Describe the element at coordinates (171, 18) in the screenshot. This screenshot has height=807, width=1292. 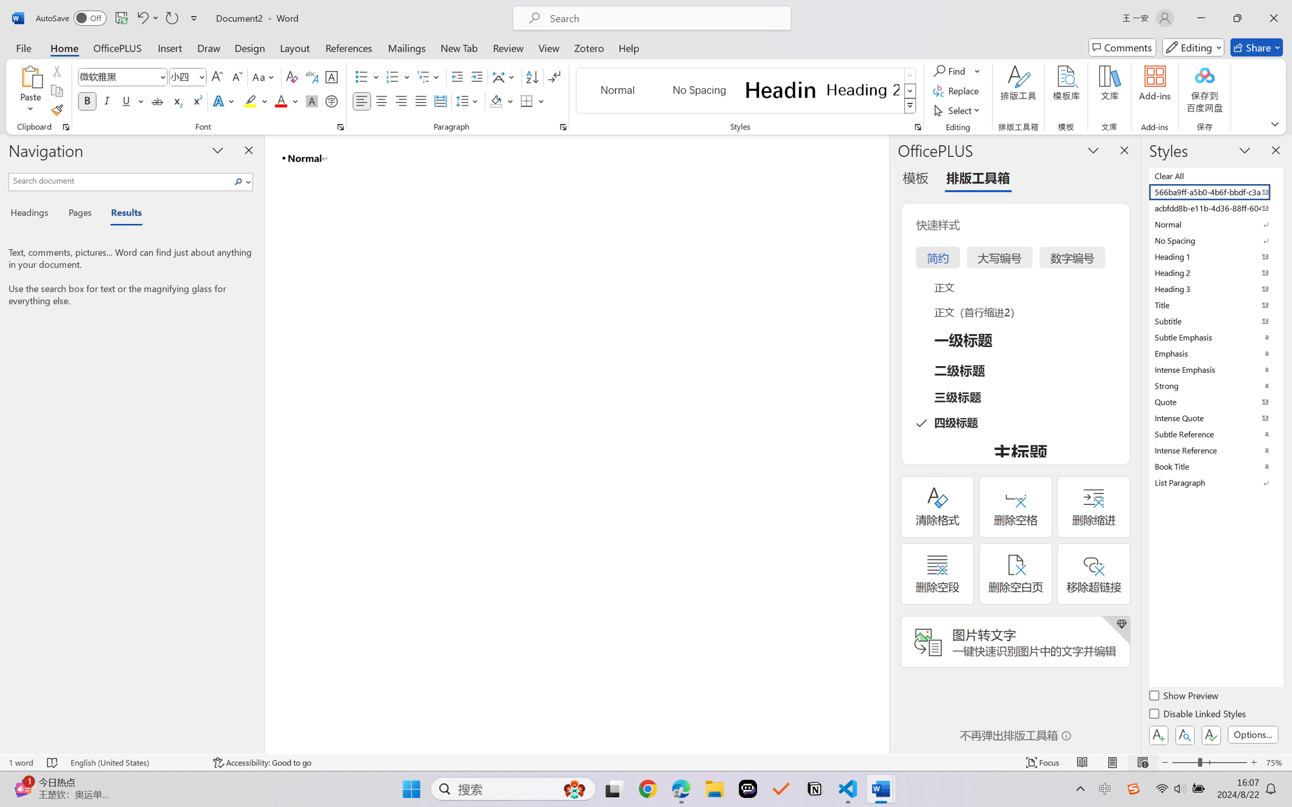
I see `'Repeat Doc Close'` at that location.